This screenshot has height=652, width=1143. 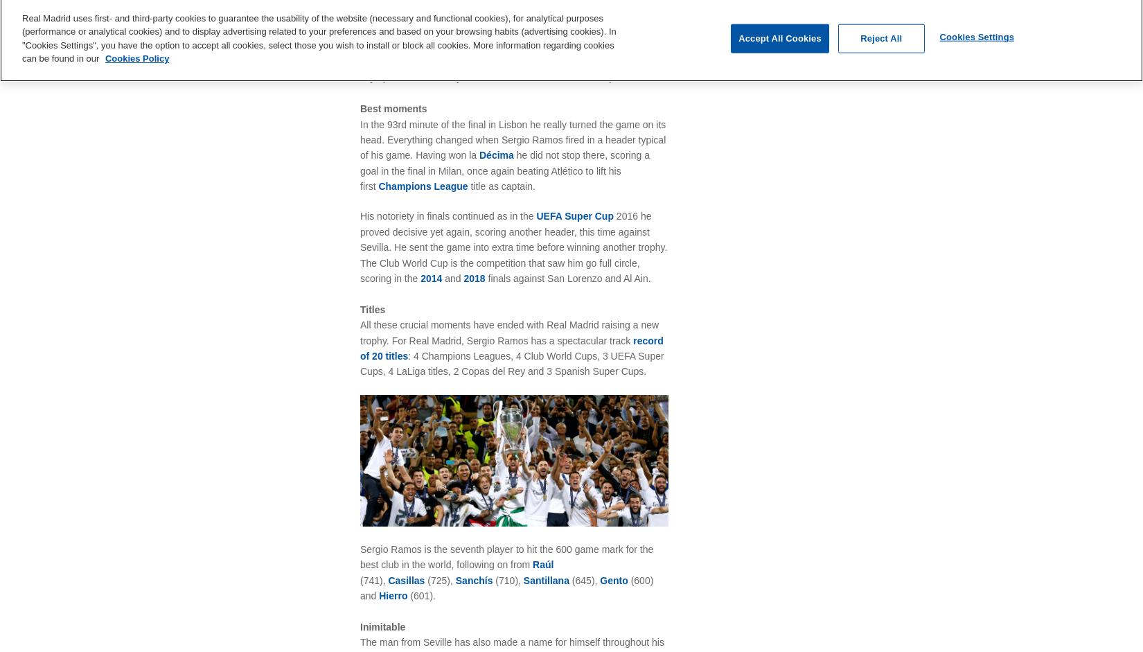 What do you see at coordinates (497, 154) in the screenshot?
I see `'Décima'` at bounding box center [497, 154].